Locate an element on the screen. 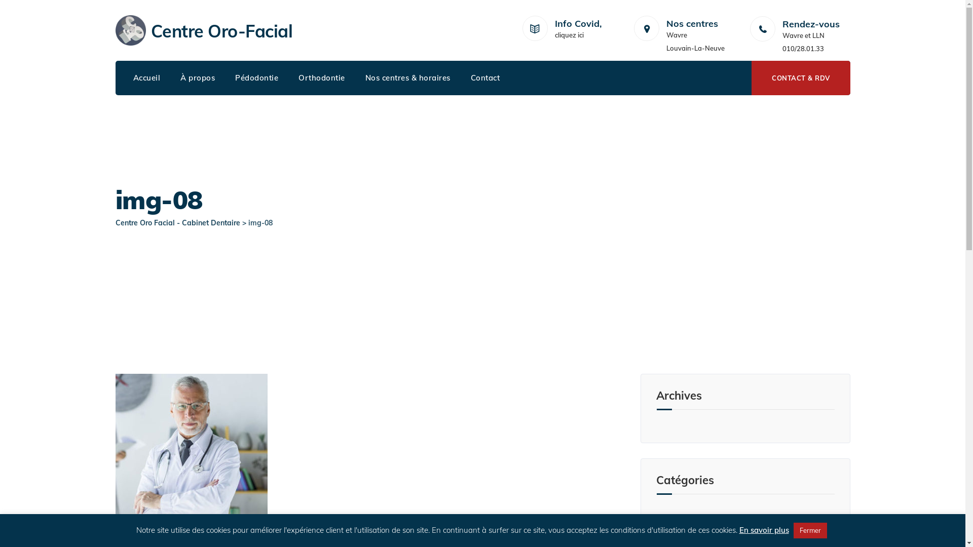 The image size is (973, 547). 'Info Covid, is located at coordinates (554, 30).